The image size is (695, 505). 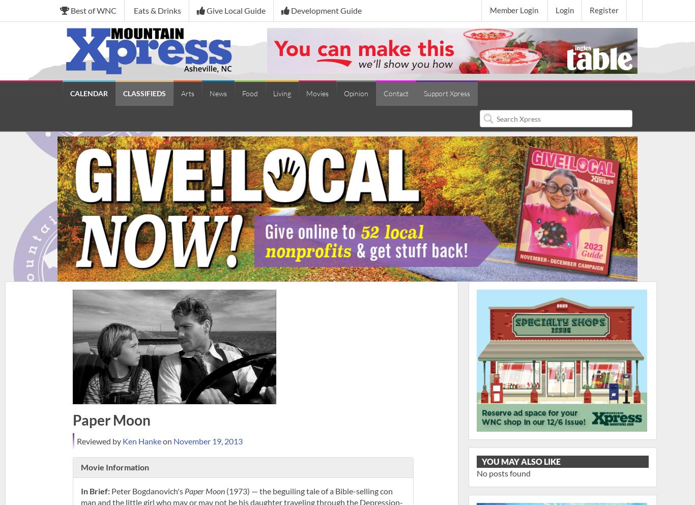 What do you see at coordinates (147, 490) in the screenshot?
I see `'Peter Bogdanovich's'` at bounding box center [147, 490].